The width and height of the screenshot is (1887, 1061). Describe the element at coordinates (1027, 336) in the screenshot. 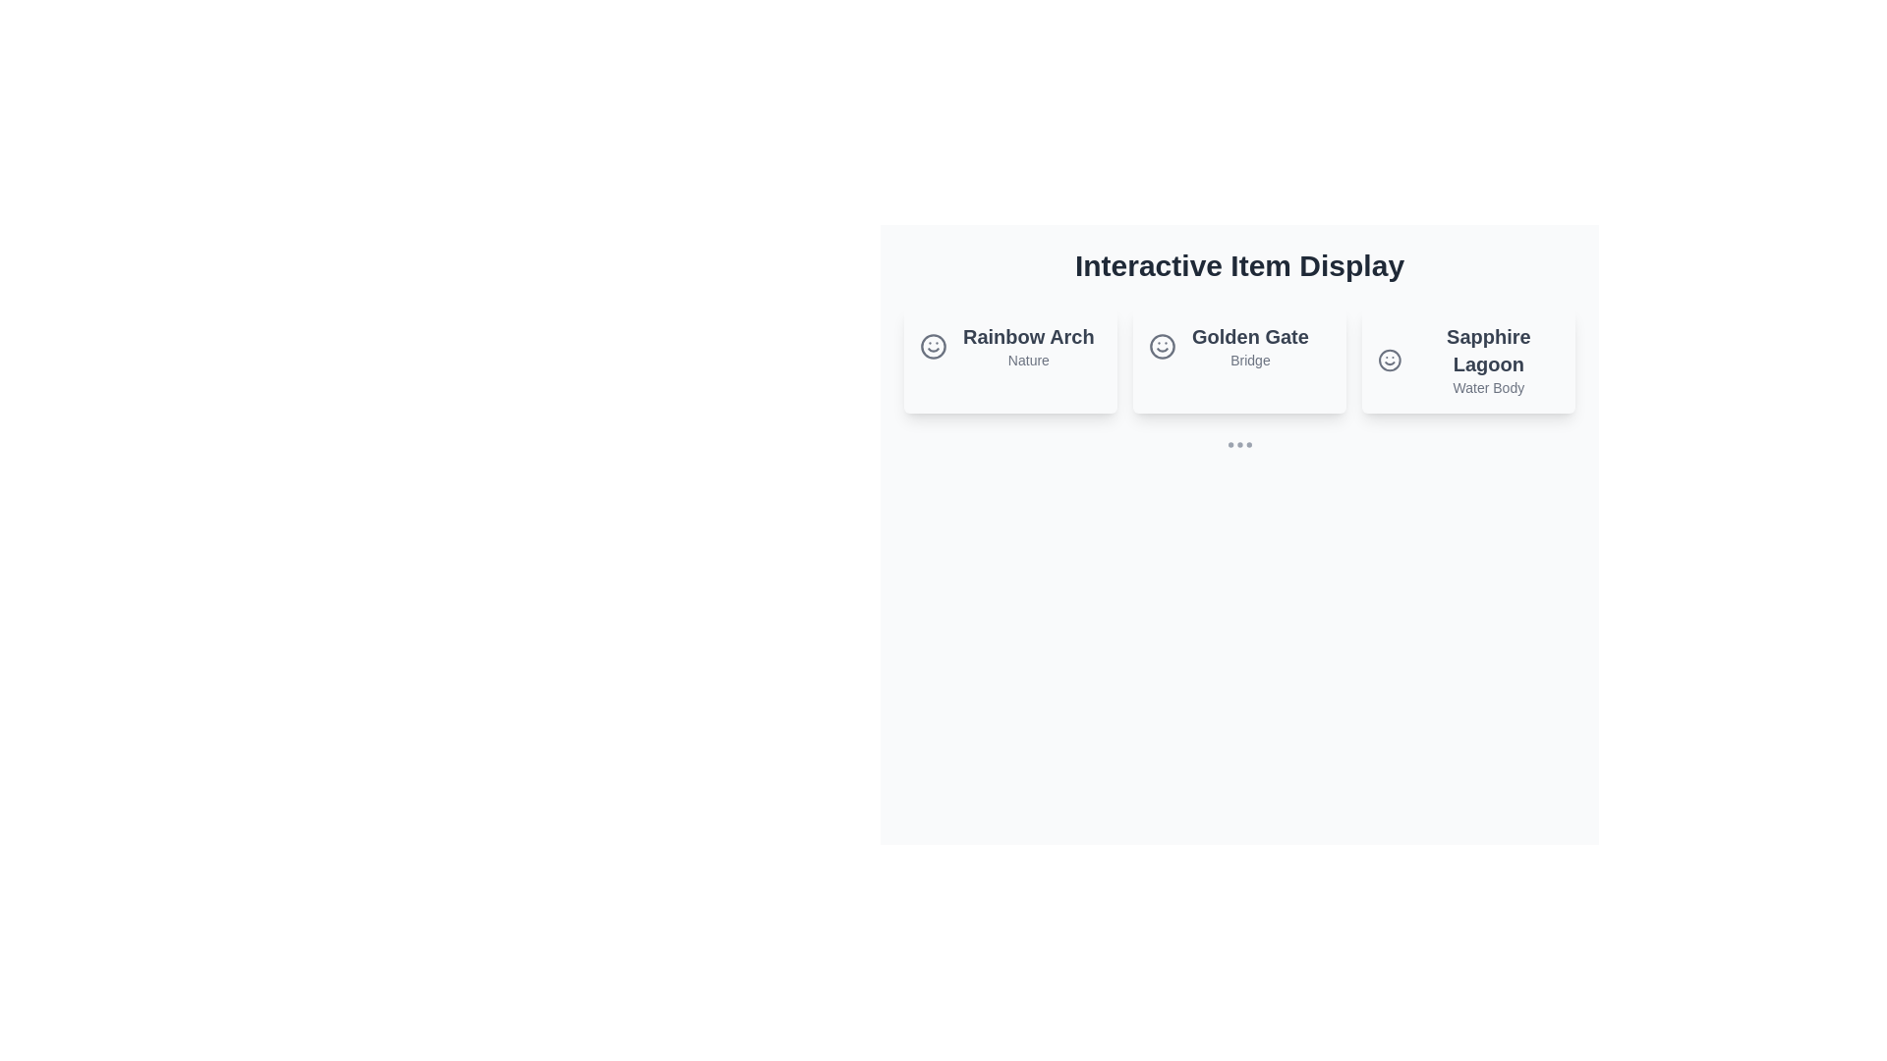

I see `the text label displaying 'Rainbow Arch', which is styled in bold and large font, positioned above the smaller text 'Nature' within a card-like structure` at that location.